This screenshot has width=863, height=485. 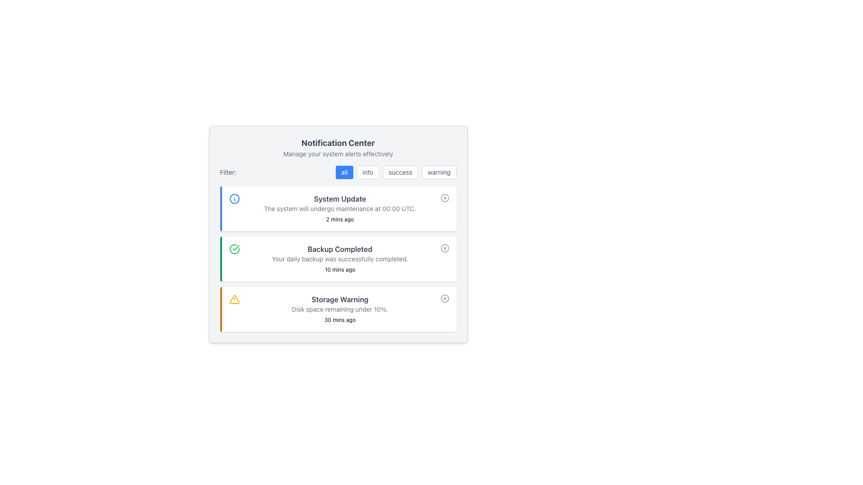 What do you see at coordinates (396, 172) in the screenshot?
I see `the 'success' filter button, which is the third button in a horizontal group of filter options below the label 'Filter:', to observe the interactive effects` at bounding box center [396, 172].